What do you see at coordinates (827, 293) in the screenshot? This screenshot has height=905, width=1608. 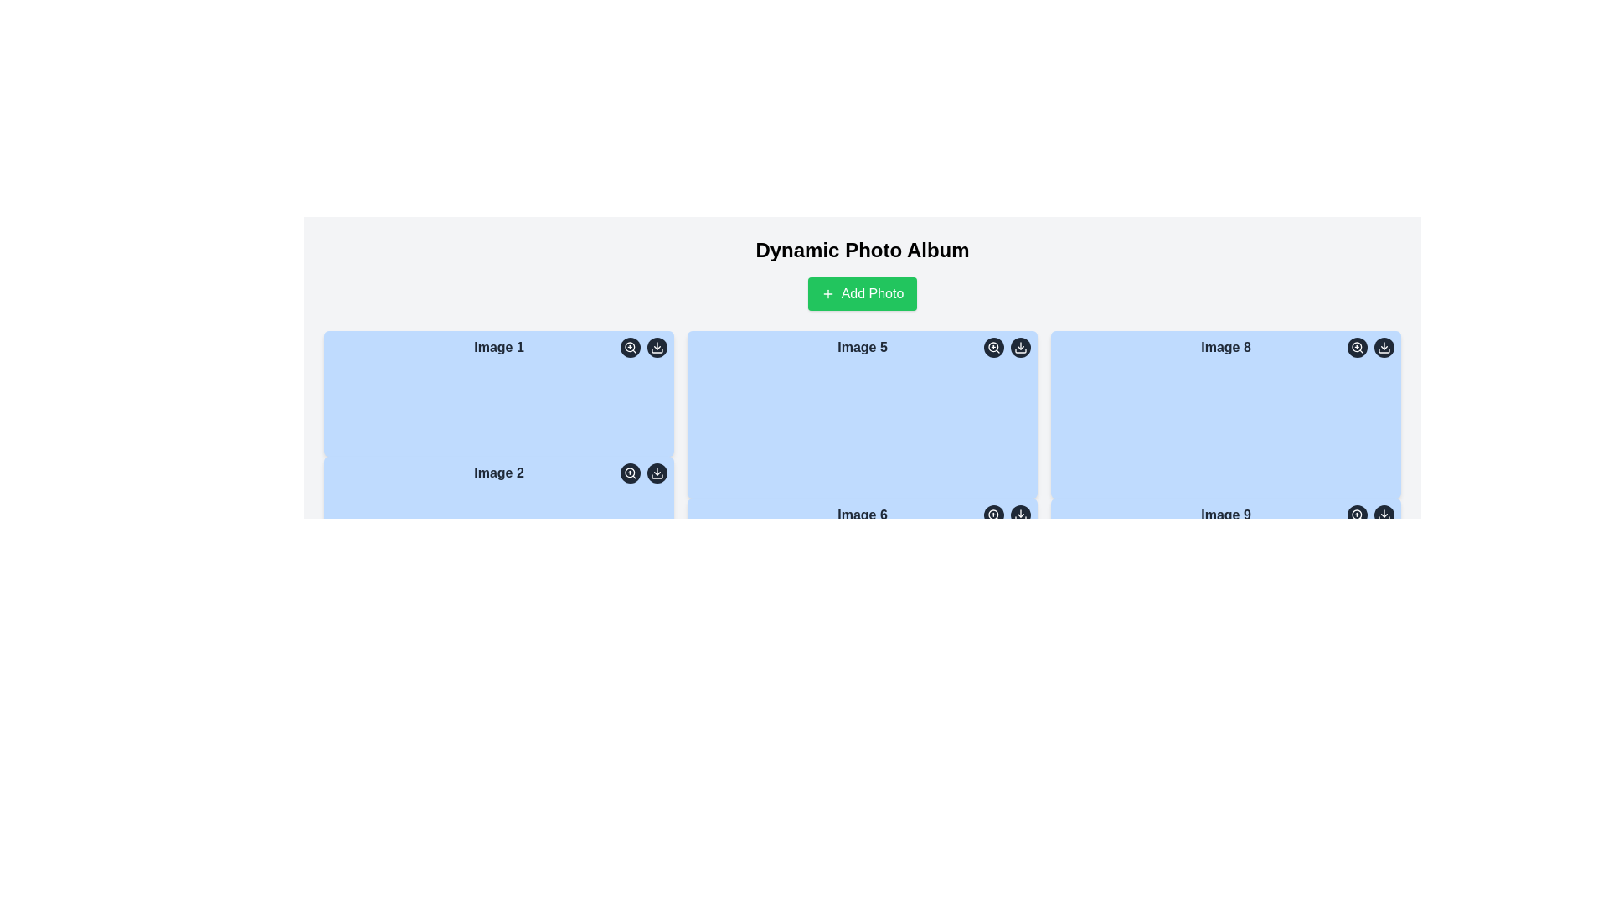 I see `the small plus icon located inside the 'Add Photo' button, which is represented by a thin-lined cross shape and has a green background` at bounding box center [827, 293].